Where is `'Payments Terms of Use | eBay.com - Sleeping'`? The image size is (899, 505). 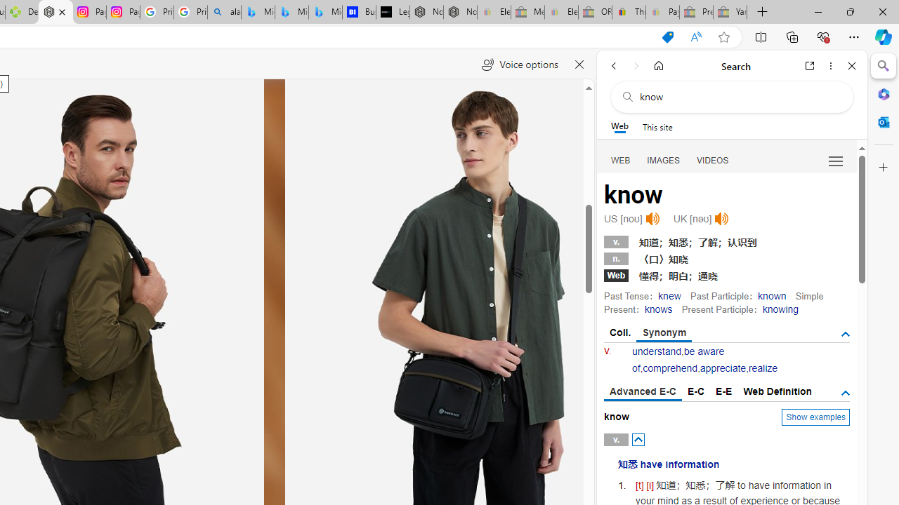
'Payments Terms of Use | eBay.com - Sleeping' is located at coordinates (662, 12).